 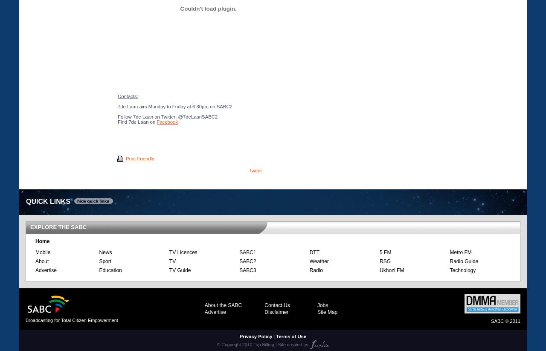 I want to click on 'Weather', so click(x=318, y=260).